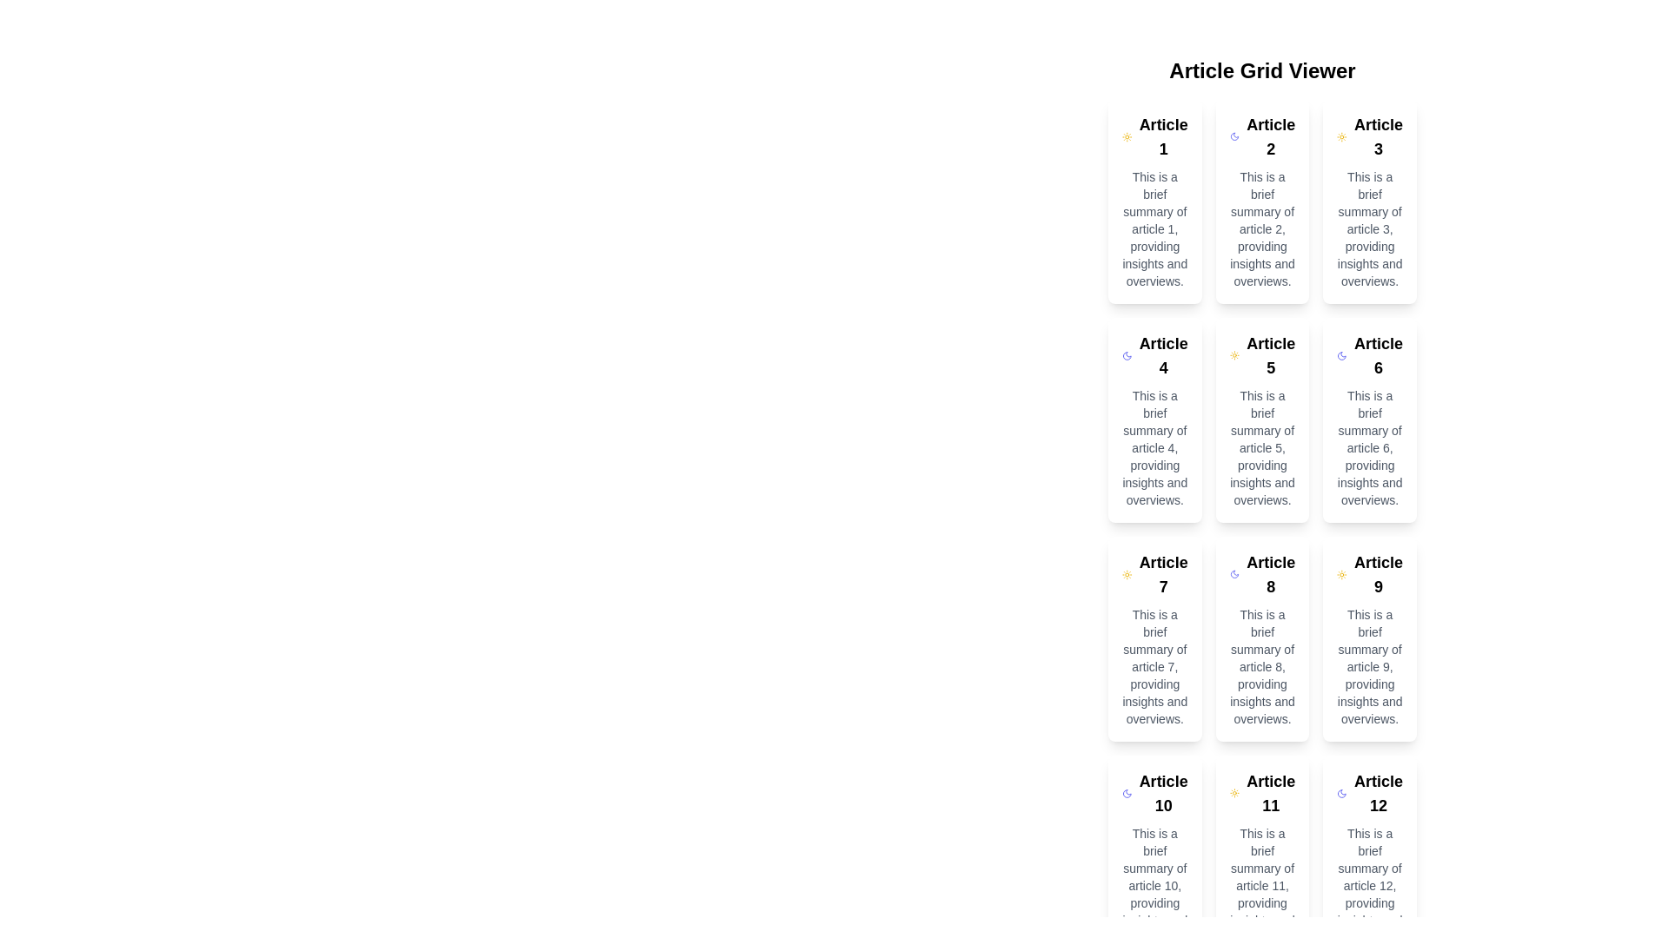 The image size is (1669, 938). I want to click on the nighttime icon represented by an SVG element, located centrally within the fourth grid item titled 'Article 4', so click(1127, 354).